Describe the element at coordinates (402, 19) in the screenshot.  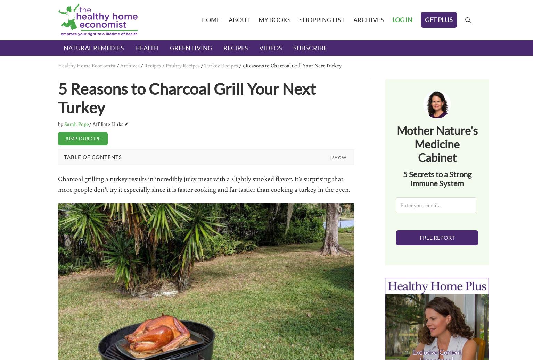
I see `'Log in'` at that location.